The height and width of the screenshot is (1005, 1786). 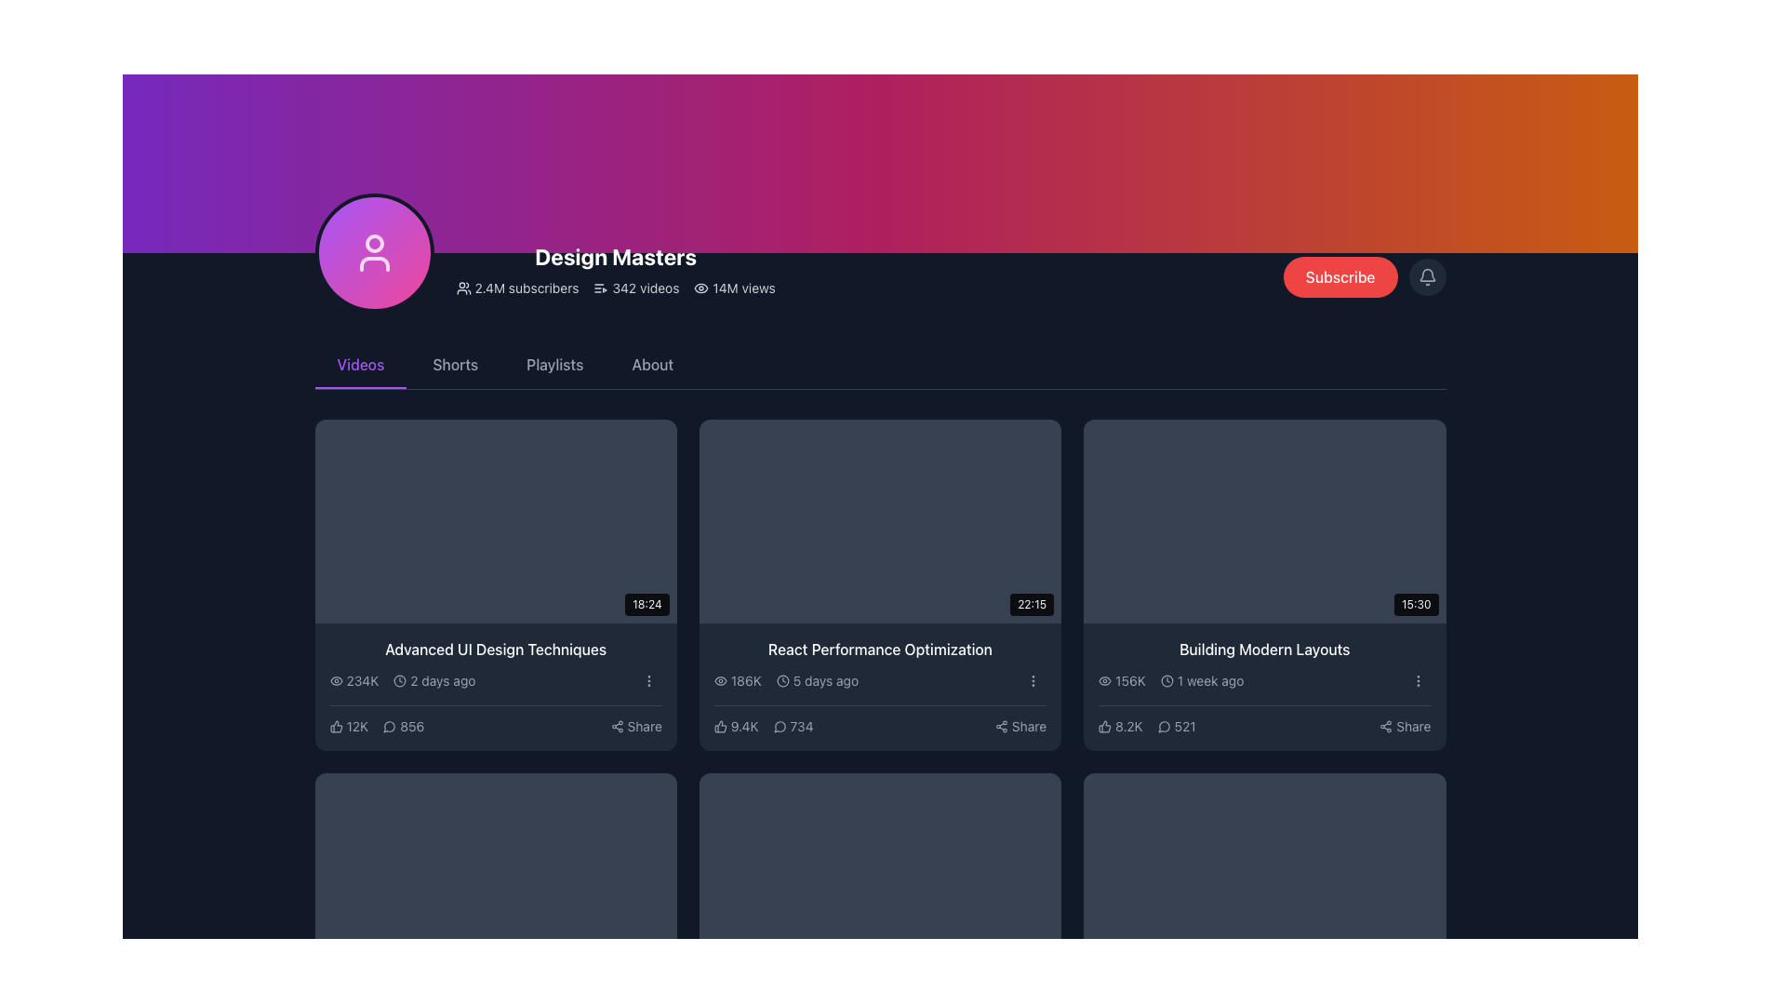 I want to click on the message bubble icon located next to the numeric figure '521' at the bottom right of the video card for 'Building Modern Layouts', so click(x=1163, y=725).